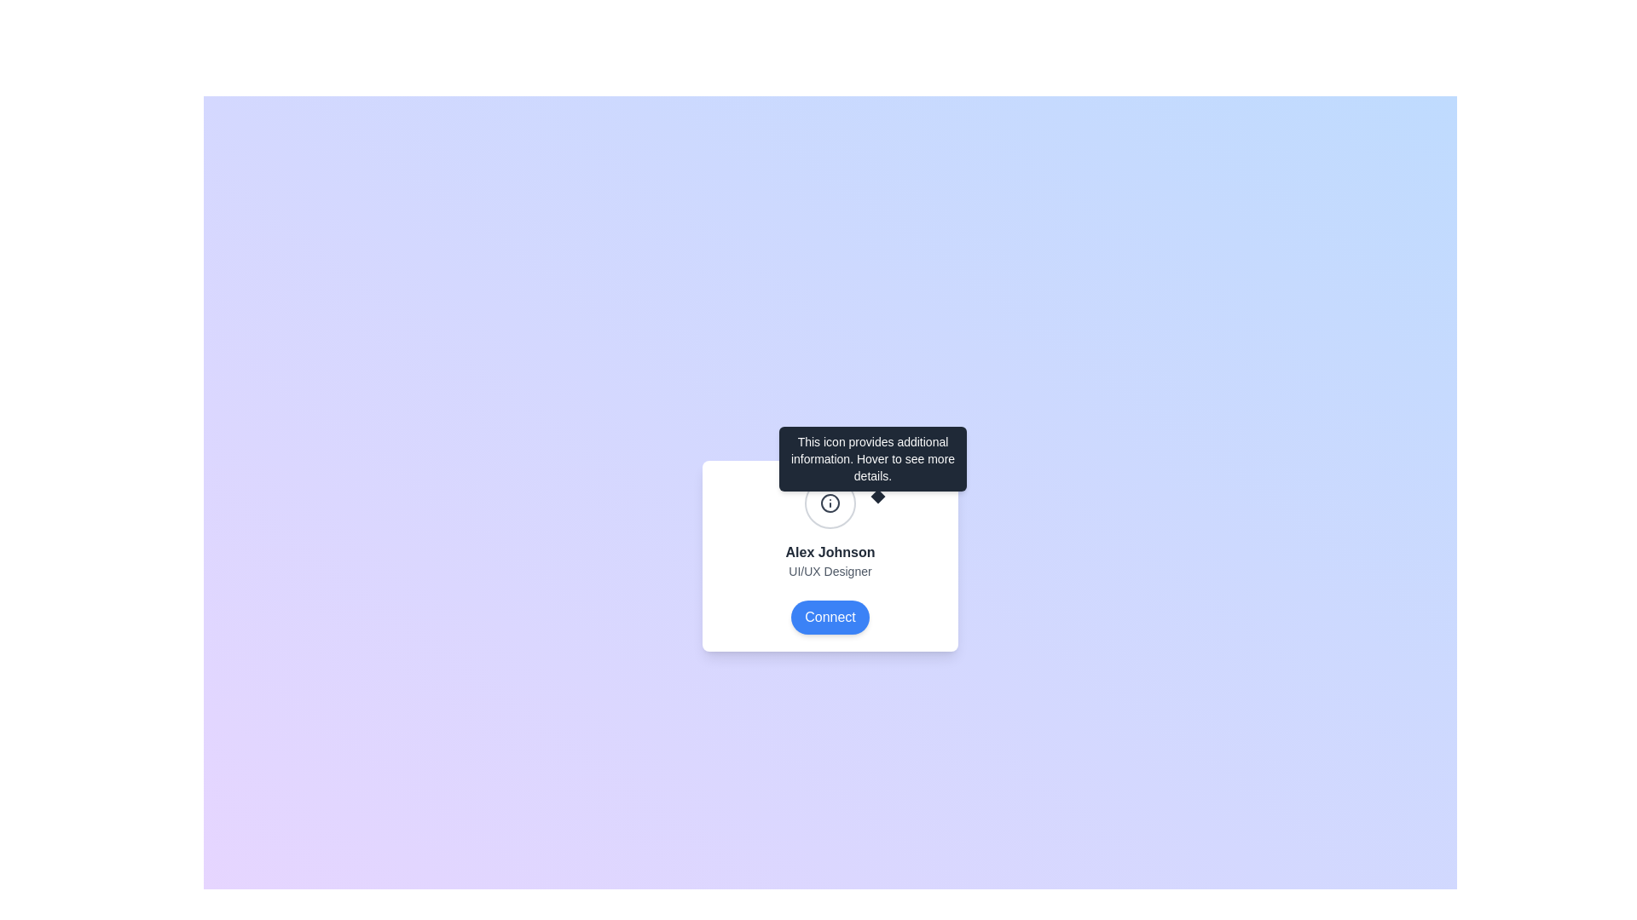 The image size is (1637, 920). Describe the element at coordinates (830, 618) in the screenshot. I see `the blue rounded button labeled 'Connect' located at the bottom center of the card containing information about 'Alex Johnson', a UI/UX Designer, to initiate a connection` at that location.